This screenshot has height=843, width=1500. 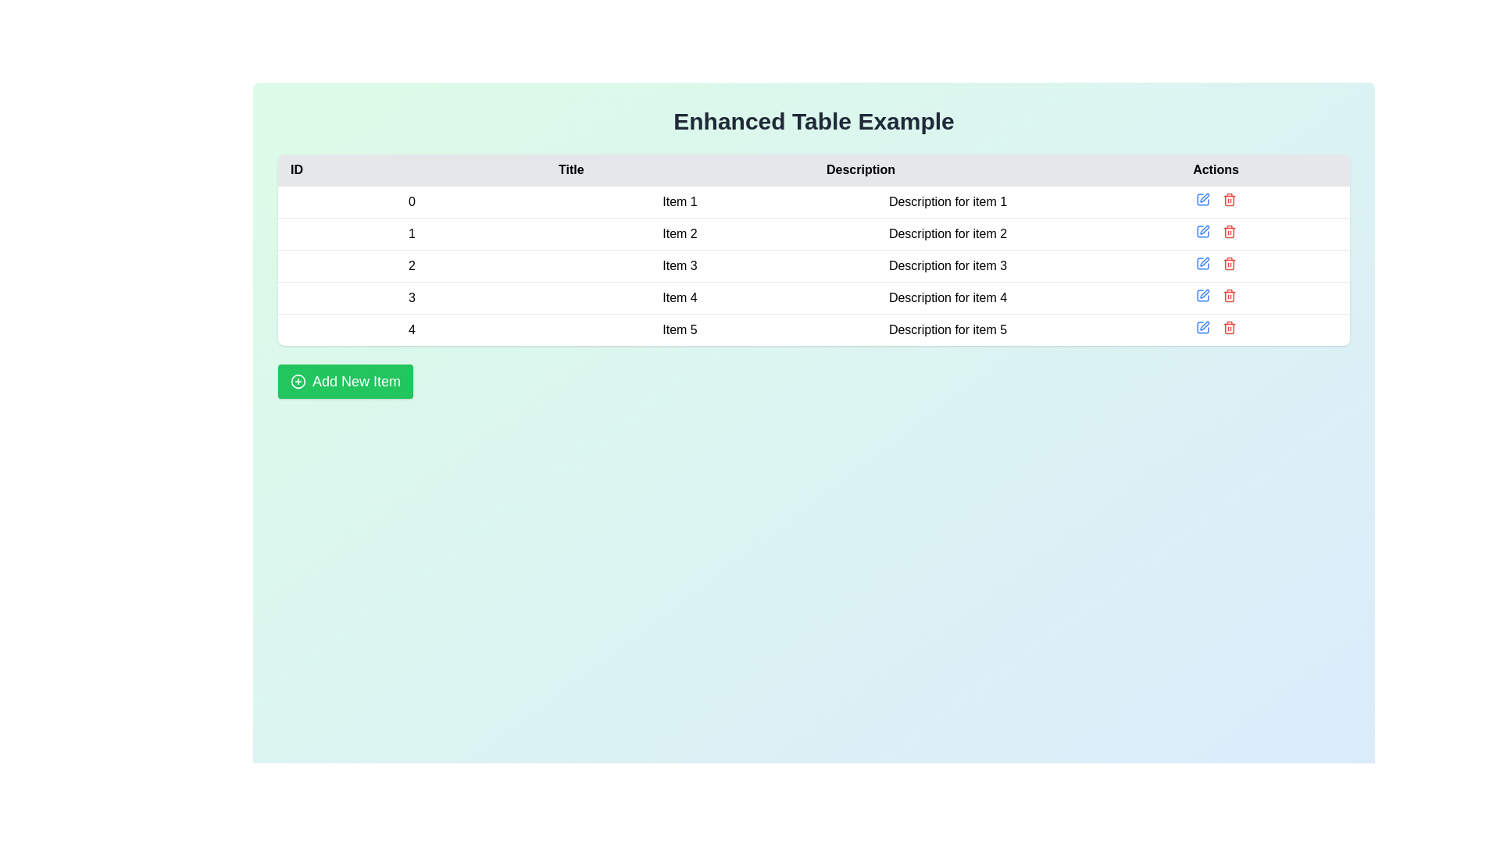 I want to click on the edit button icon located in the Actions column of the third row of the table, so click(x=1203, y=261).